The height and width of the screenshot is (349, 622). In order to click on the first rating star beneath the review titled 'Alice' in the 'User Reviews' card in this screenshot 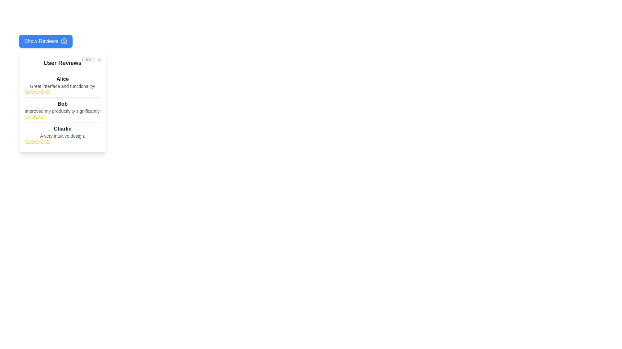, I will do `click(26, 92)`.